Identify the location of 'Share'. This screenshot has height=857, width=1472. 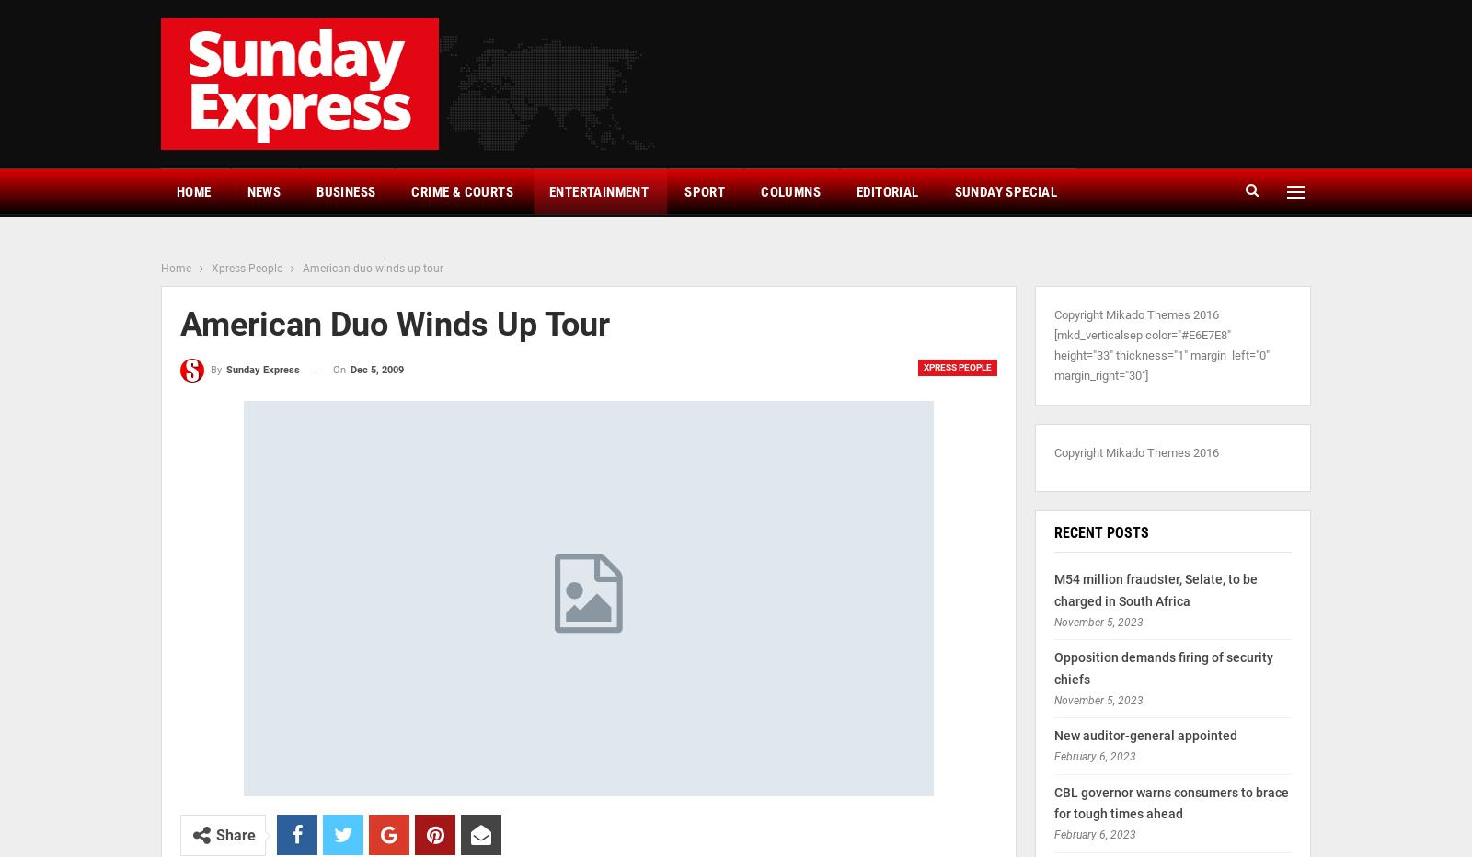
(236, 835).